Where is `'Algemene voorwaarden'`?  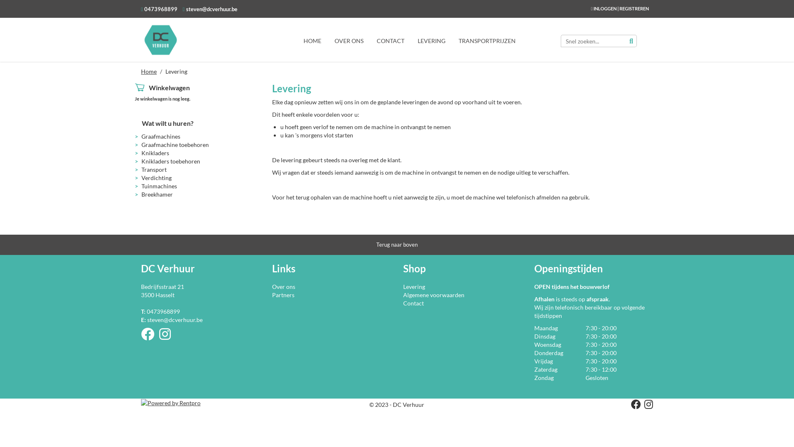
'Algemene voorwaarden' is located at coordinates (433, 294).